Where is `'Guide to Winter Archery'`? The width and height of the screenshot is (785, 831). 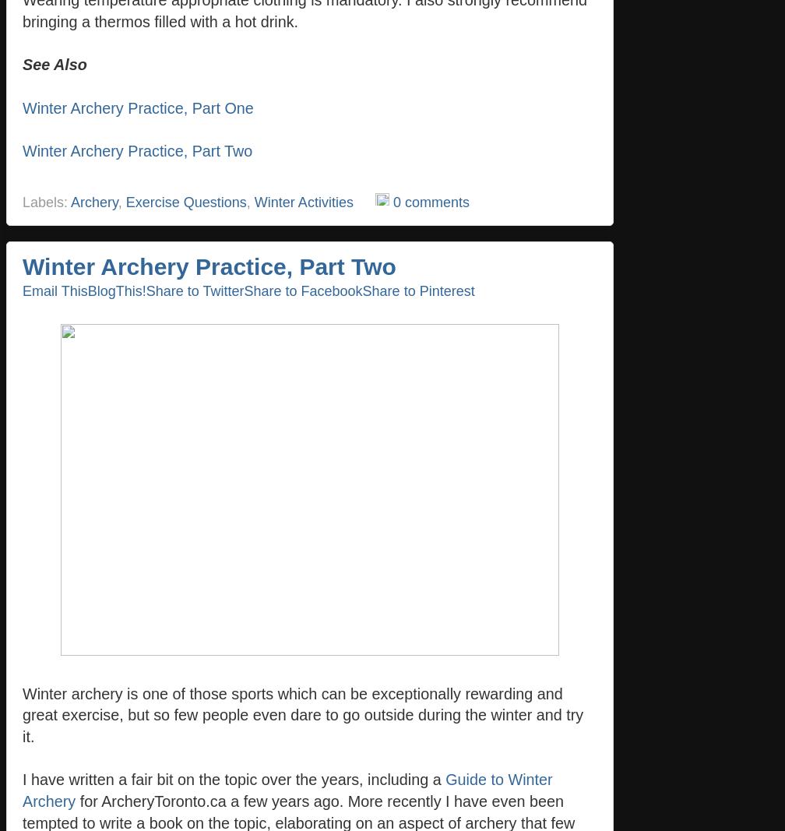
'Guide to Winter Archery' is located at coordinates (287, 791).